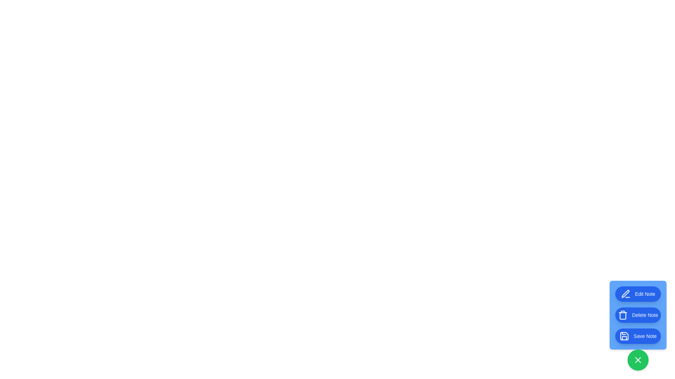 This screenshot has width=675, height=379. What do you see at coordinates (638, 335) in the screenshot?
I see `the 'Save Note' button to save the note` at bounding box center [638, 335].